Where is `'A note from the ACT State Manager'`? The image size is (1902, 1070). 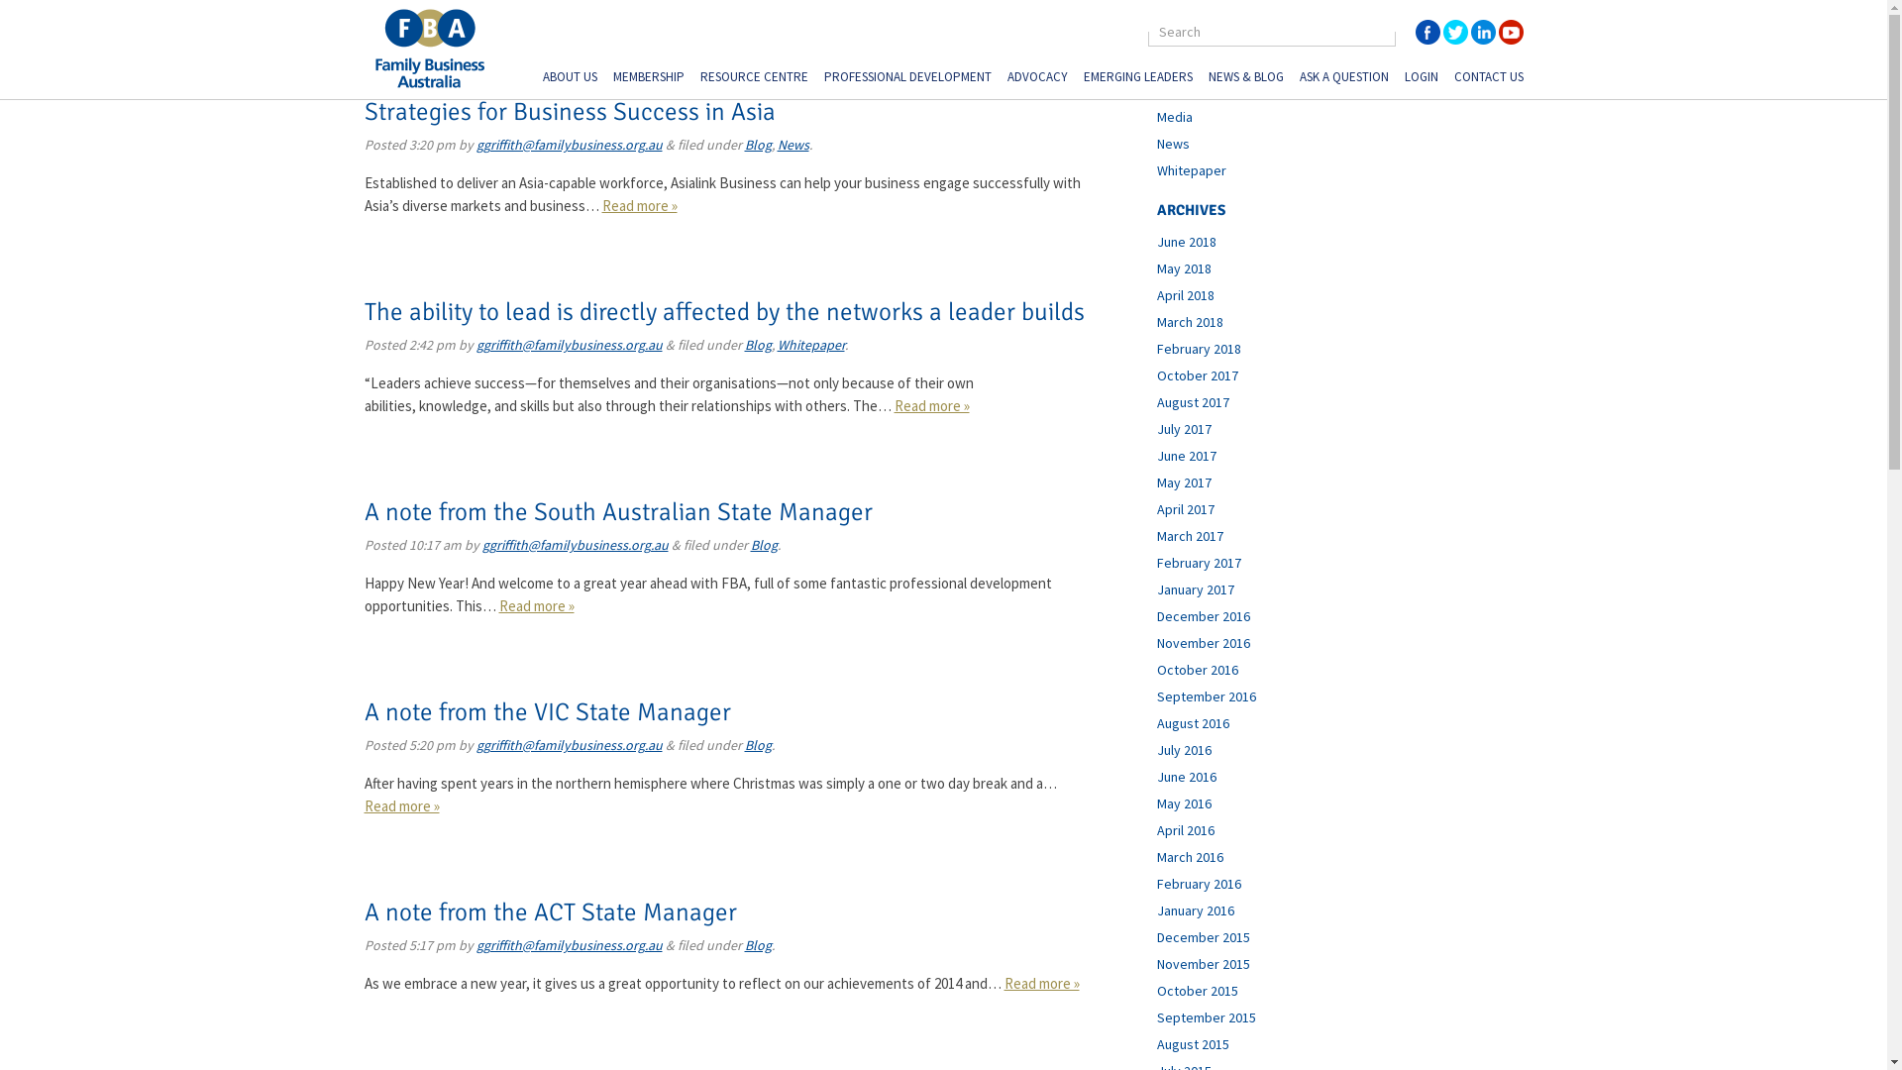
'A note from the ACT State Manager' is located at coordinates (551, 911).